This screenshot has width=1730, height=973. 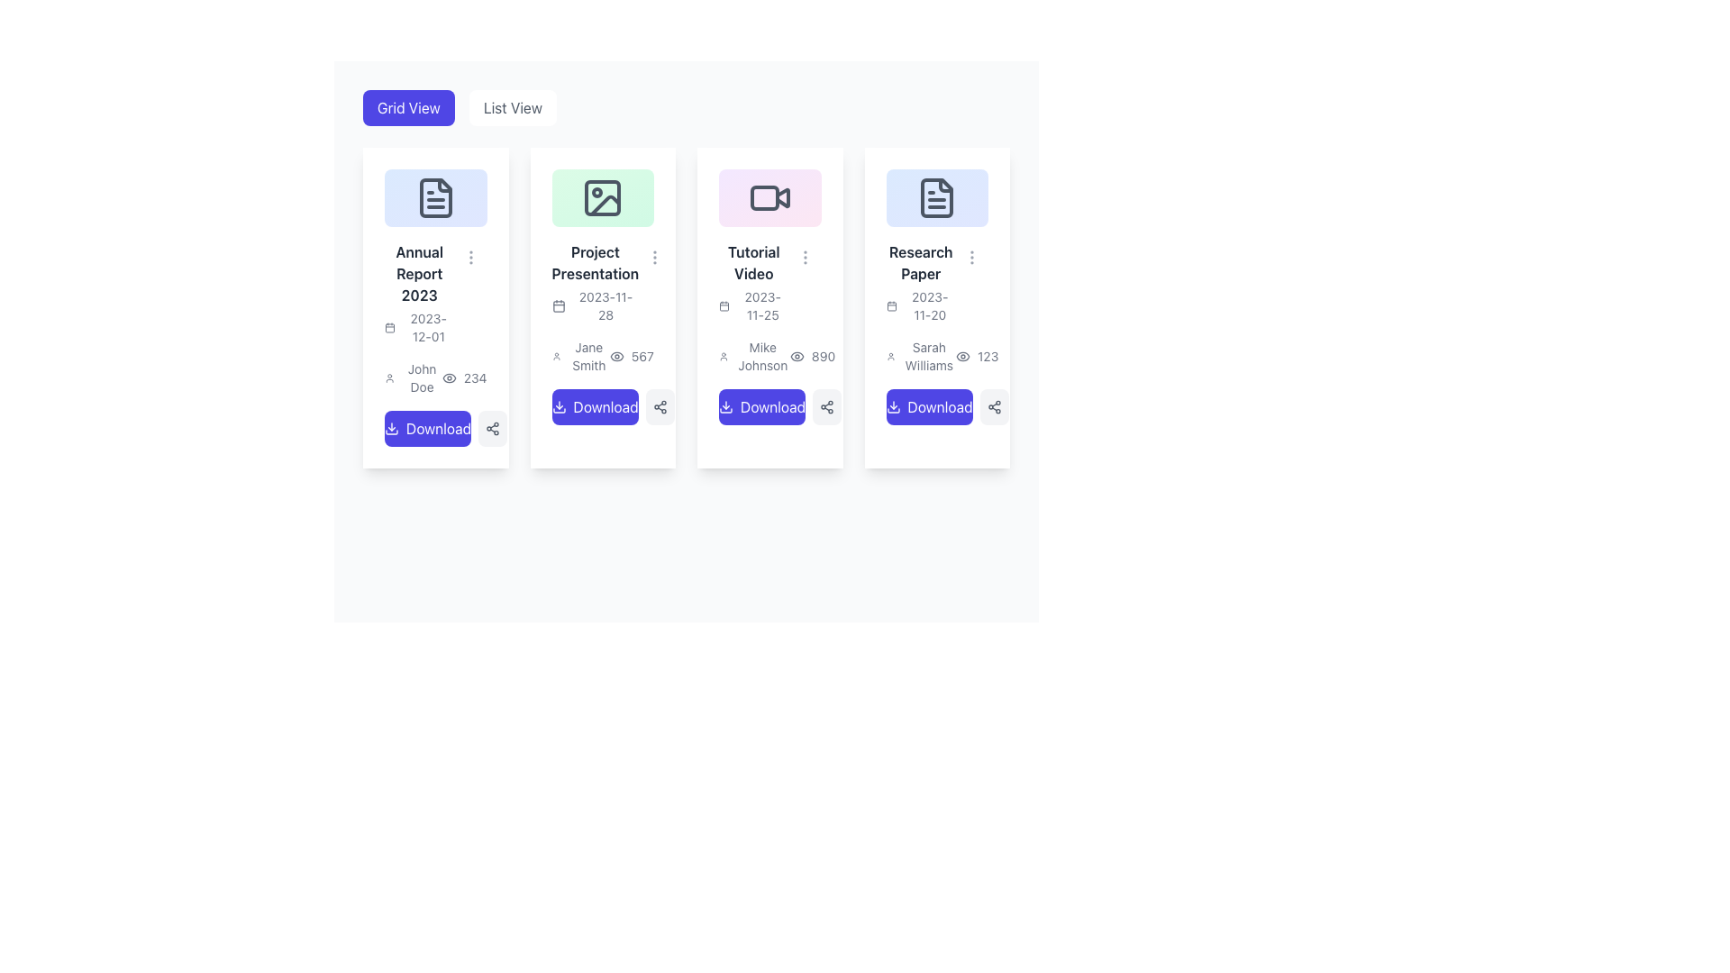 I want to click on the user icon associated with 'Jane Smith' located in the second card from the left, positioned at the top left corner of the card, so click(x=555, y=356).